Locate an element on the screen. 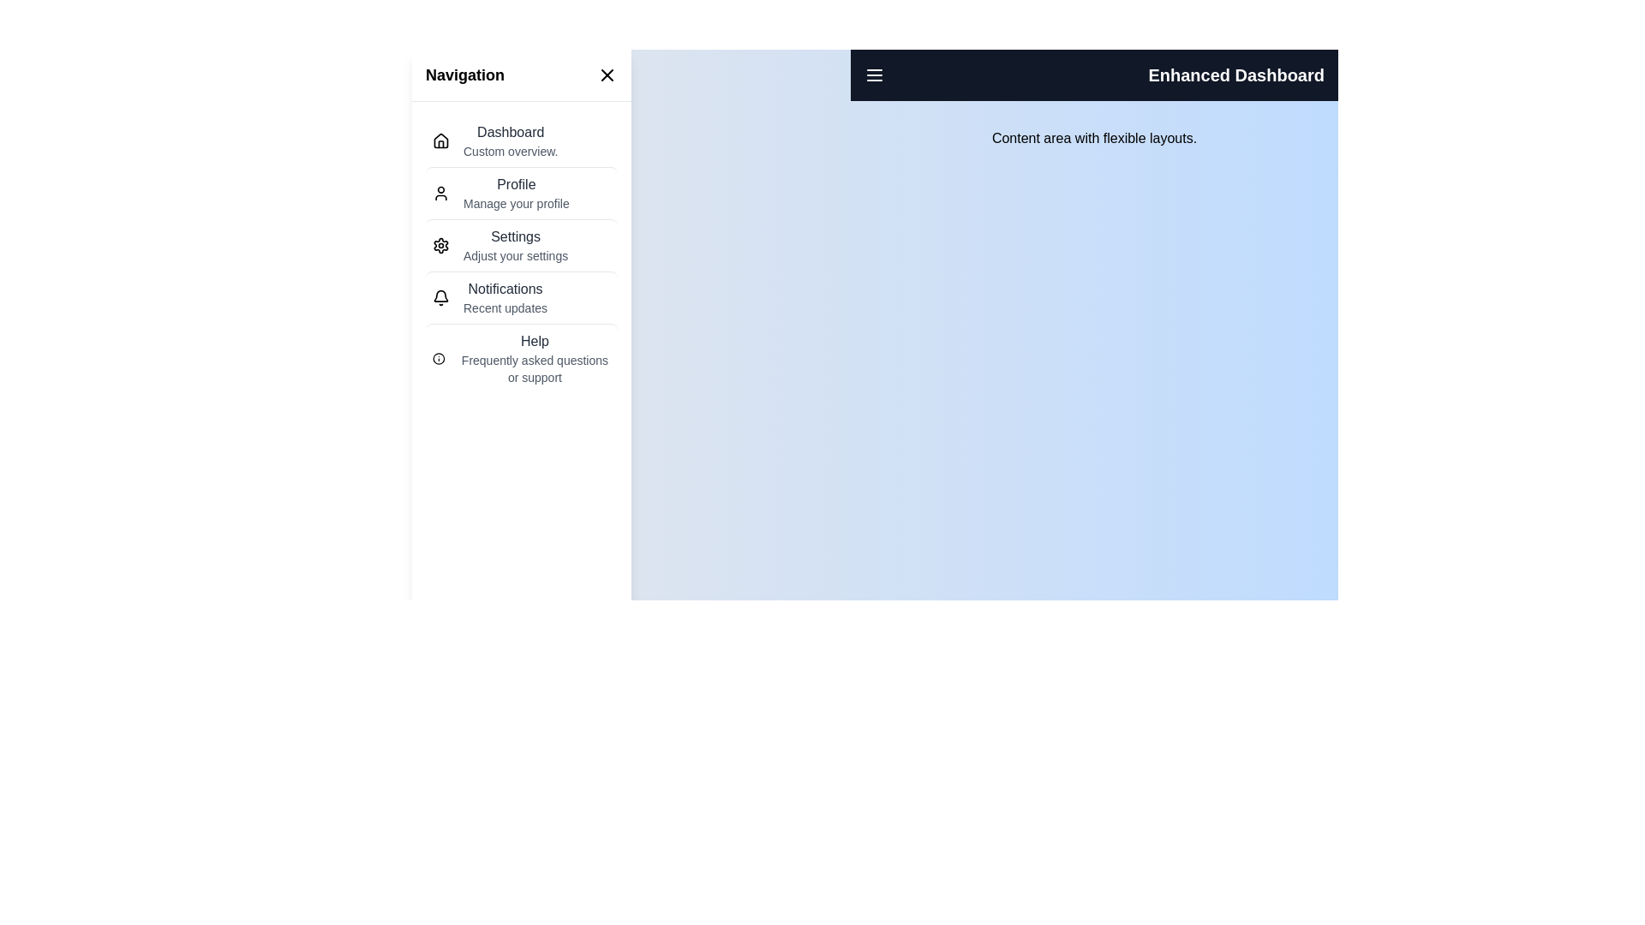 The width and height of the screenshot is (1645, 925). the second item in the sidebar navigation labeled 'Profile Management' is located at coordinates (521, 192).